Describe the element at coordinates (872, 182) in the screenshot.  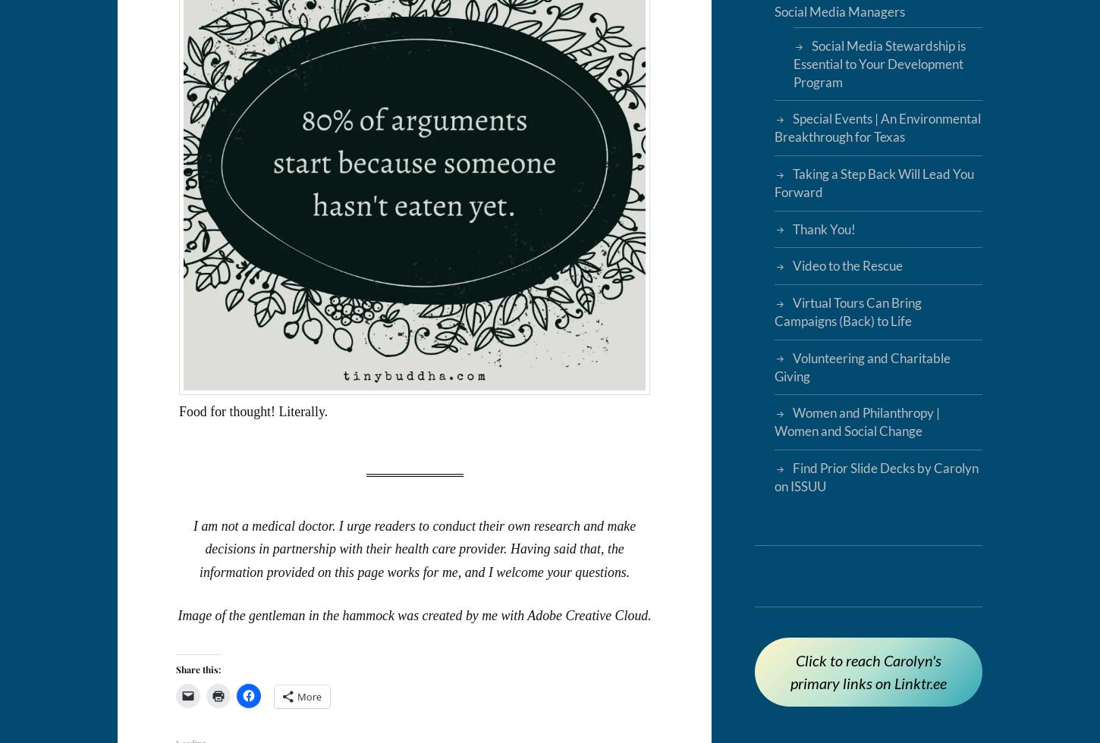
I see `'Taking a Step Back Will Lead You Forward'` at that location.